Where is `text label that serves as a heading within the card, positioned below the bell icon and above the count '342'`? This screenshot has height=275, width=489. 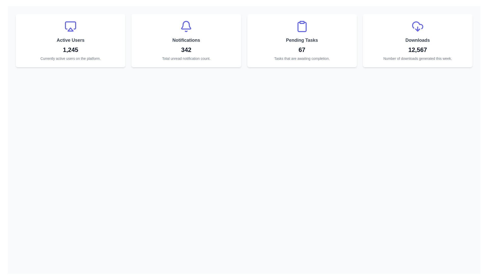 text label that serves as a heading within the card, positioned below the bell icon and above the count '342' is located at coordinates (186, 40).